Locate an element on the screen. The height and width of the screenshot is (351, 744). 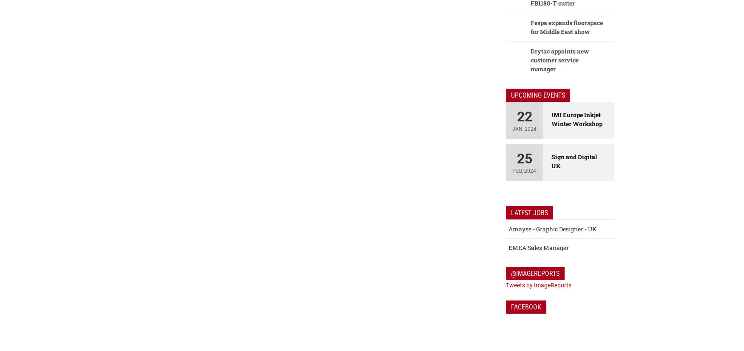
'Drytac appoints new customer service manager' is located at coordinates (559, 60).